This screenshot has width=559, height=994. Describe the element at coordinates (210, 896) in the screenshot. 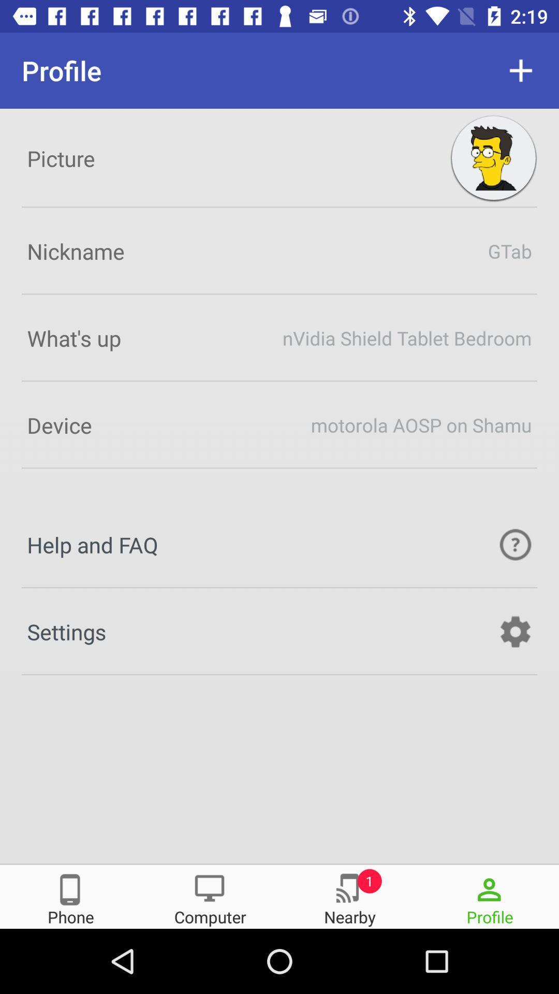

I see `the right of phone icon` at that location.